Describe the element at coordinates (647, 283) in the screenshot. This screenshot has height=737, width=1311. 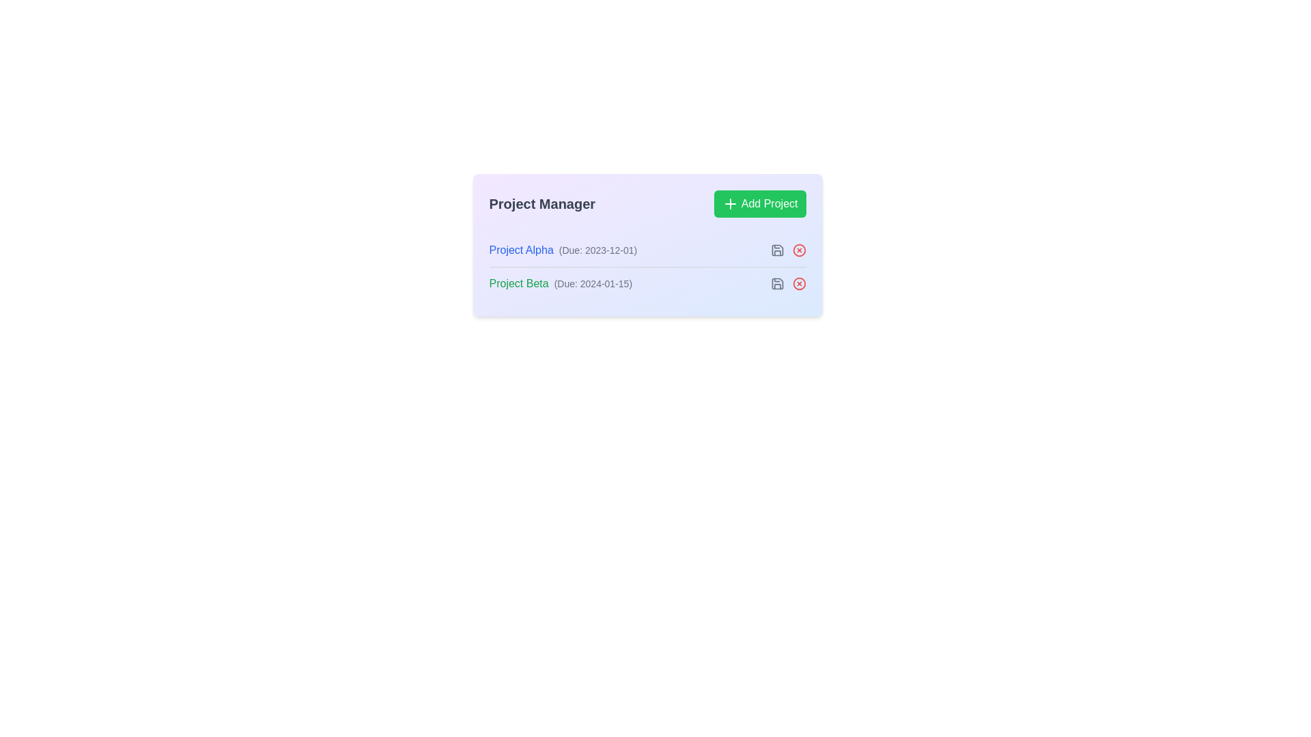
I see `the accompanying icons for actions located next to the list item displaying 'Project Beta (Due: 2024-01-15)' in the project management interface` at that location.